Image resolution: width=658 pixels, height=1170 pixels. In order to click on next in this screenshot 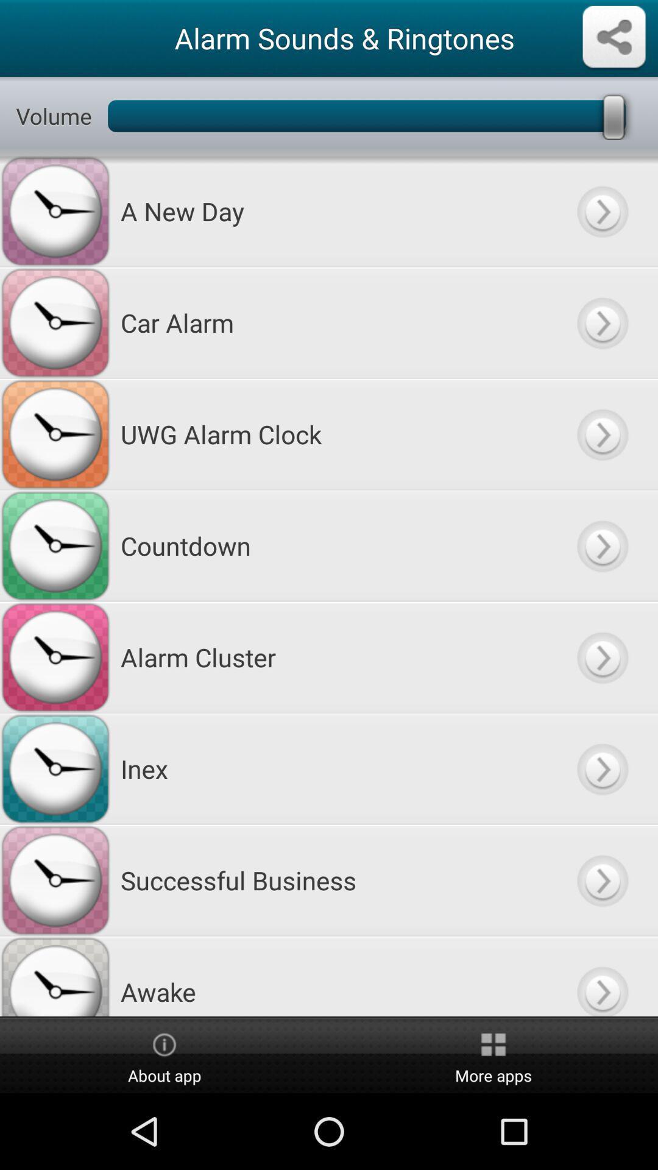, I will do `click(601, 211)`.